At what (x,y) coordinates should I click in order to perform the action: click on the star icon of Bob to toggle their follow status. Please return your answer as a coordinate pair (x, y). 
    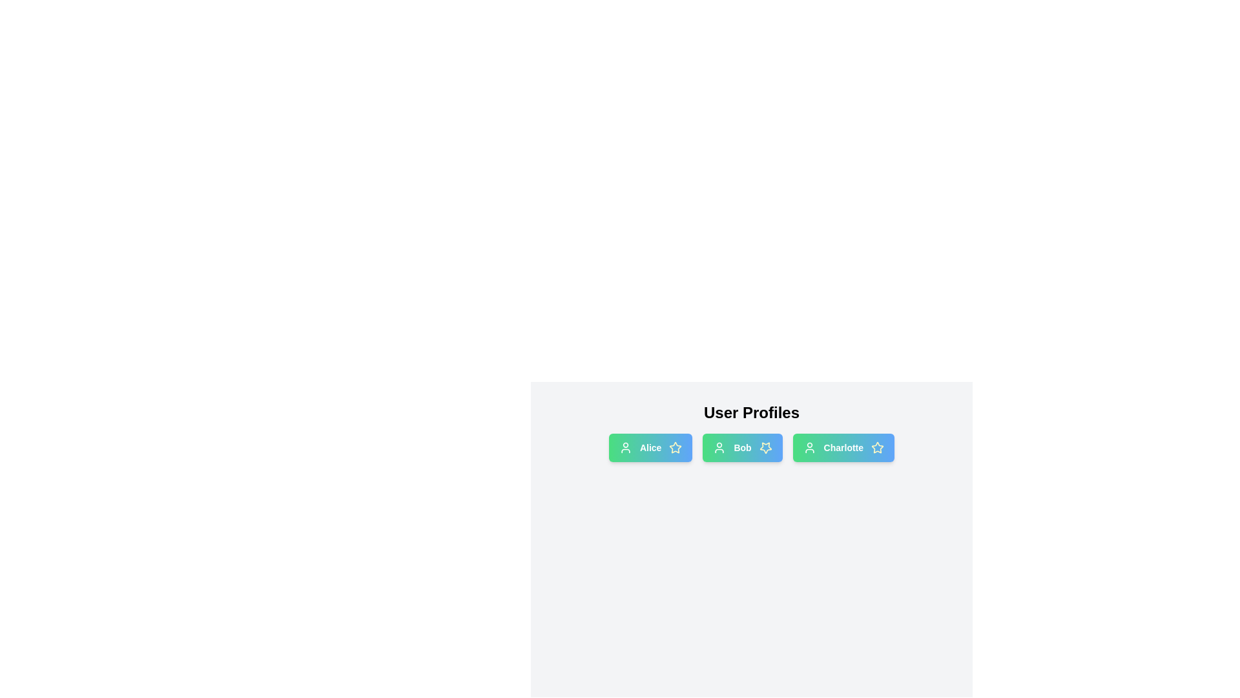
    Looking at the image, I should click on (765, 447).